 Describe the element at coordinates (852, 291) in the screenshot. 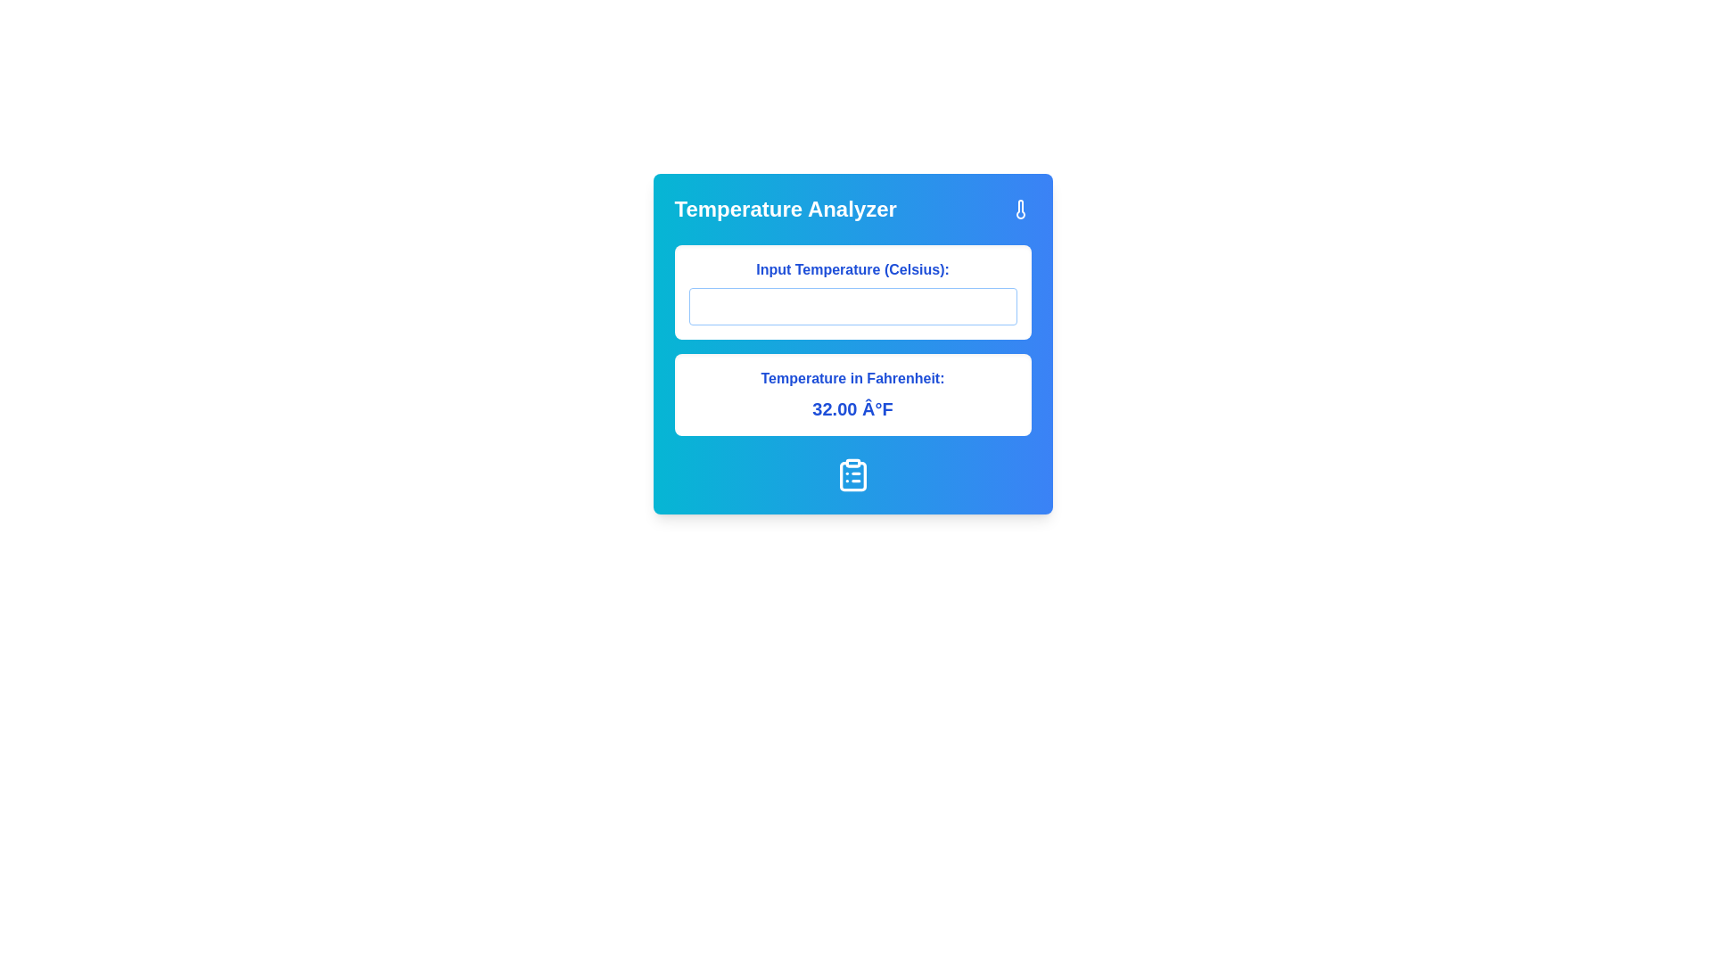

I see `inside the input field labeled 'Input Temperature (Celsius):' to focus on it` at that location.